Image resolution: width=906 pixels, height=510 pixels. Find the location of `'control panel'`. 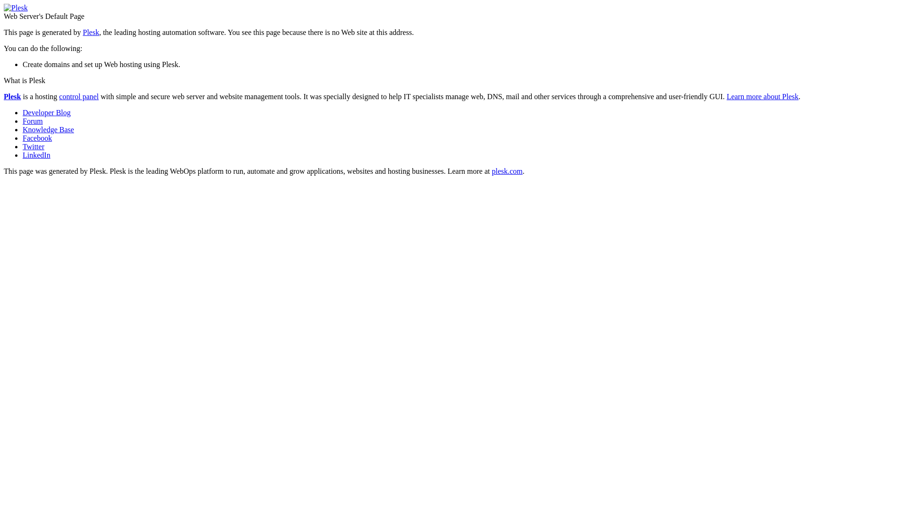

'control panel' is located at coordinates (58, 96).